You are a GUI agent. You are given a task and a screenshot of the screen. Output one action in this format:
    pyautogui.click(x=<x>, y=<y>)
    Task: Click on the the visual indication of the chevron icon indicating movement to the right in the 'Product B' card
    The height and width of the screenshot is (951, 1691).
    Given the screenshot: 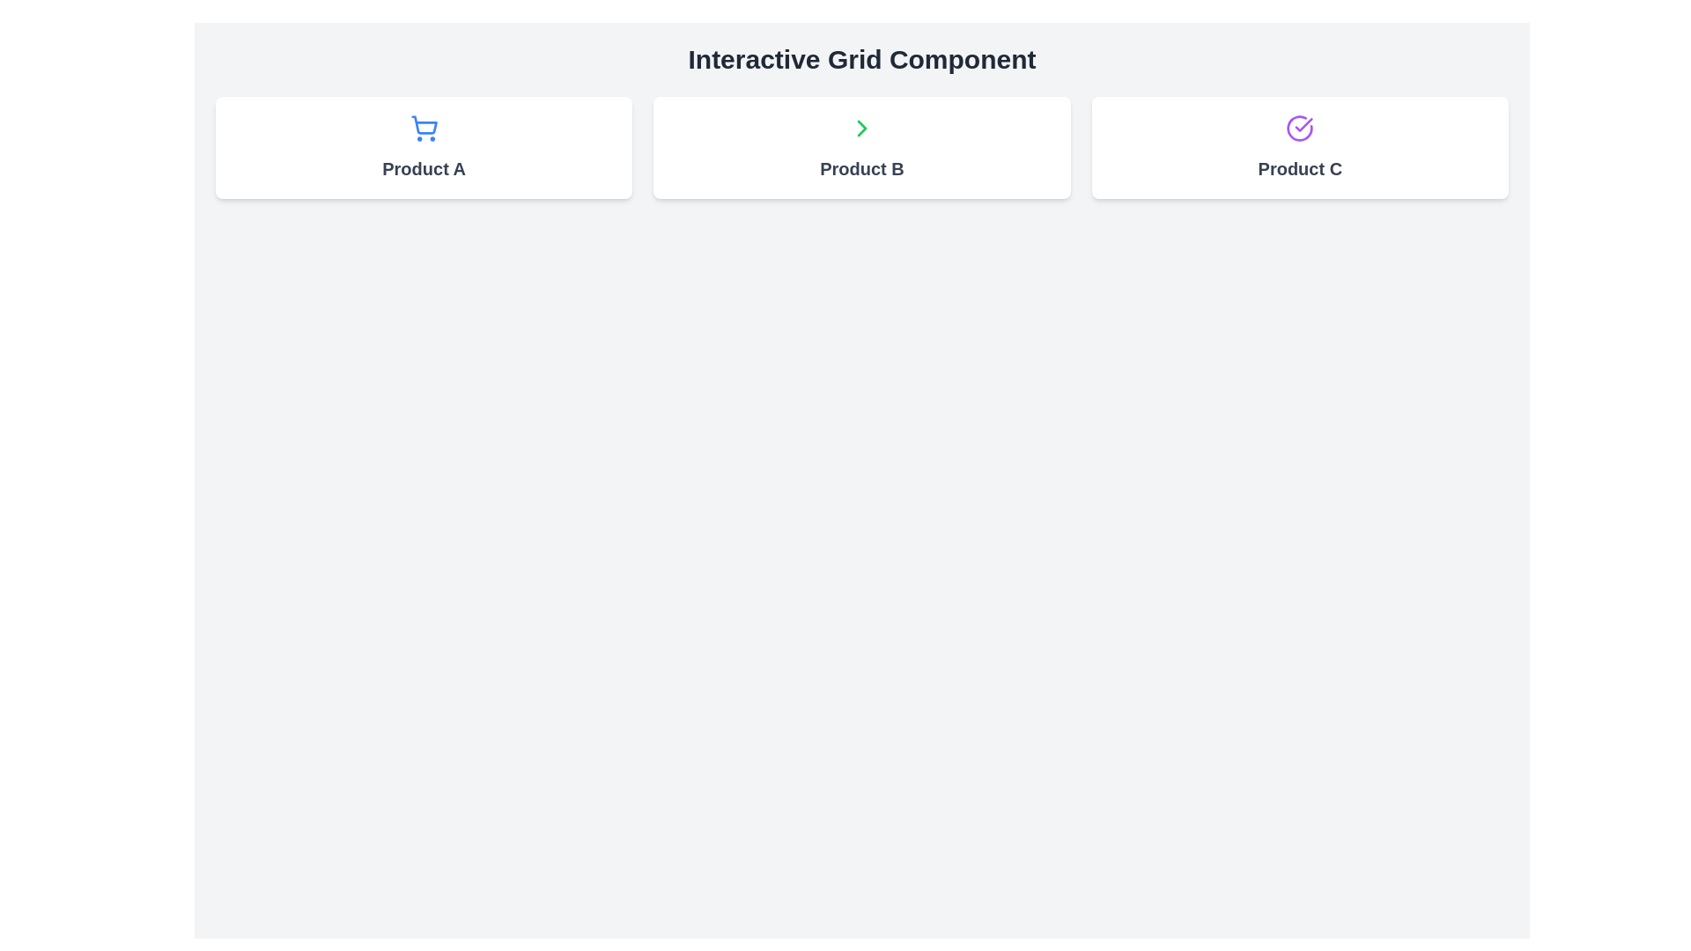 What is the action you would take?
    pyautogui.click(x=862, y=128)
    